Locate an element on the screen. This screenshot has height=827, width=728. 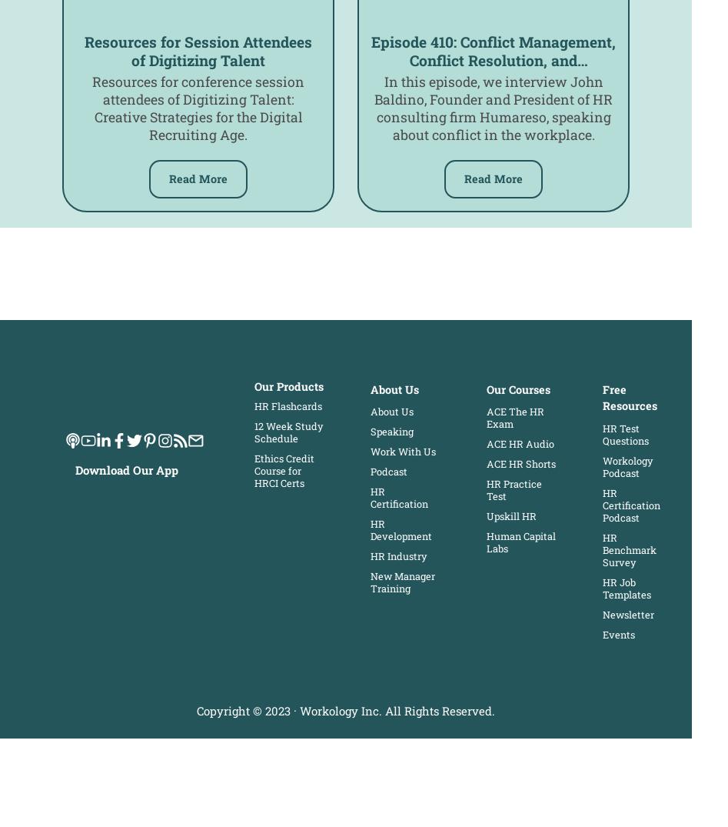
'Events' is located at coordinates (619, 632).